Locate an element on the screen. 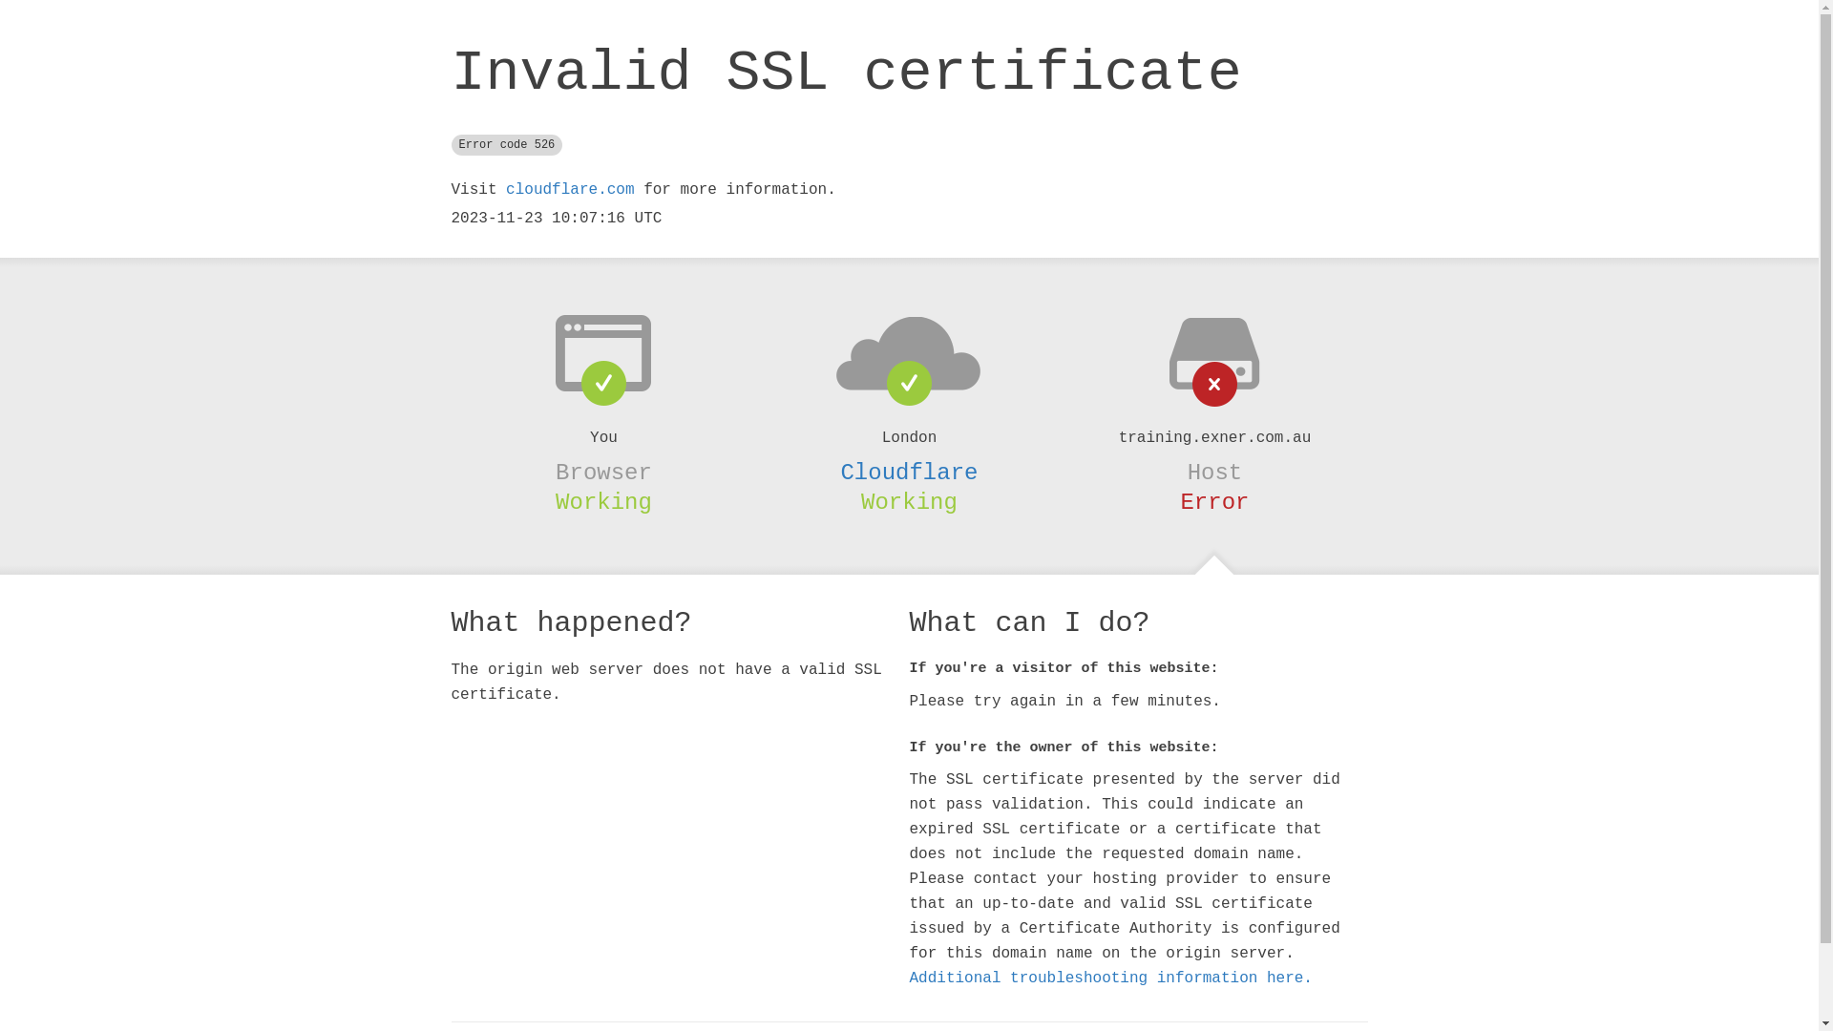  'cloudflare.com' is located at coordinates (568, 190).